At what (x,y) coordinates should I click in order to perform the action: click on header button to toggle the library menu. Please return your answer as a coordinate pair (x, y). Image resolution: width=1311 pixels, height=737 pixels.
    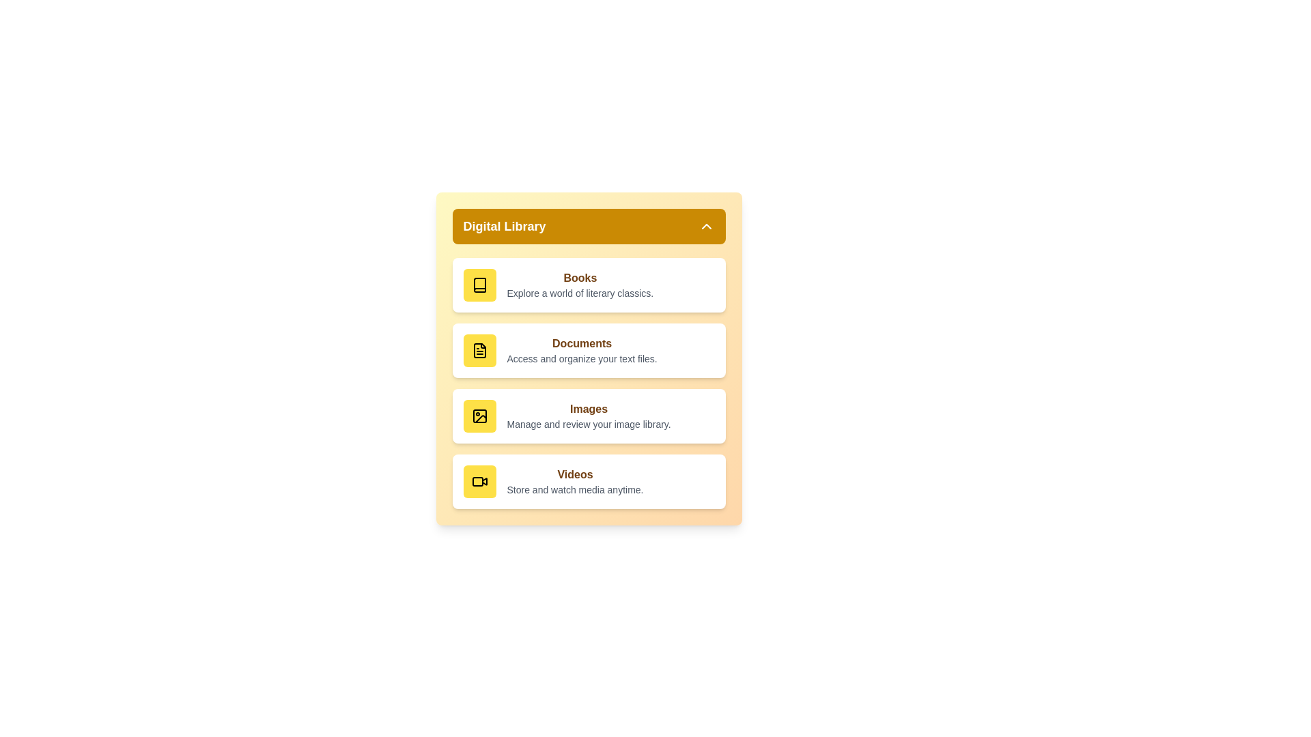
    Looking at the image, I should click on (589, 225).